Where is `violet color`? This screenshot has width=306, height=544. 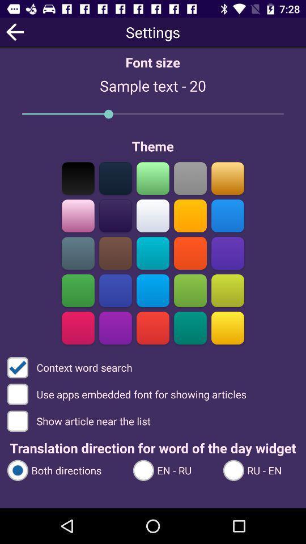 violet color is located at coordinates (227, 253).